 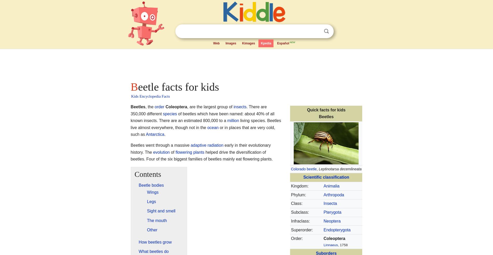 I want to click on 'Scientific classification', so click(x=326, y=177).